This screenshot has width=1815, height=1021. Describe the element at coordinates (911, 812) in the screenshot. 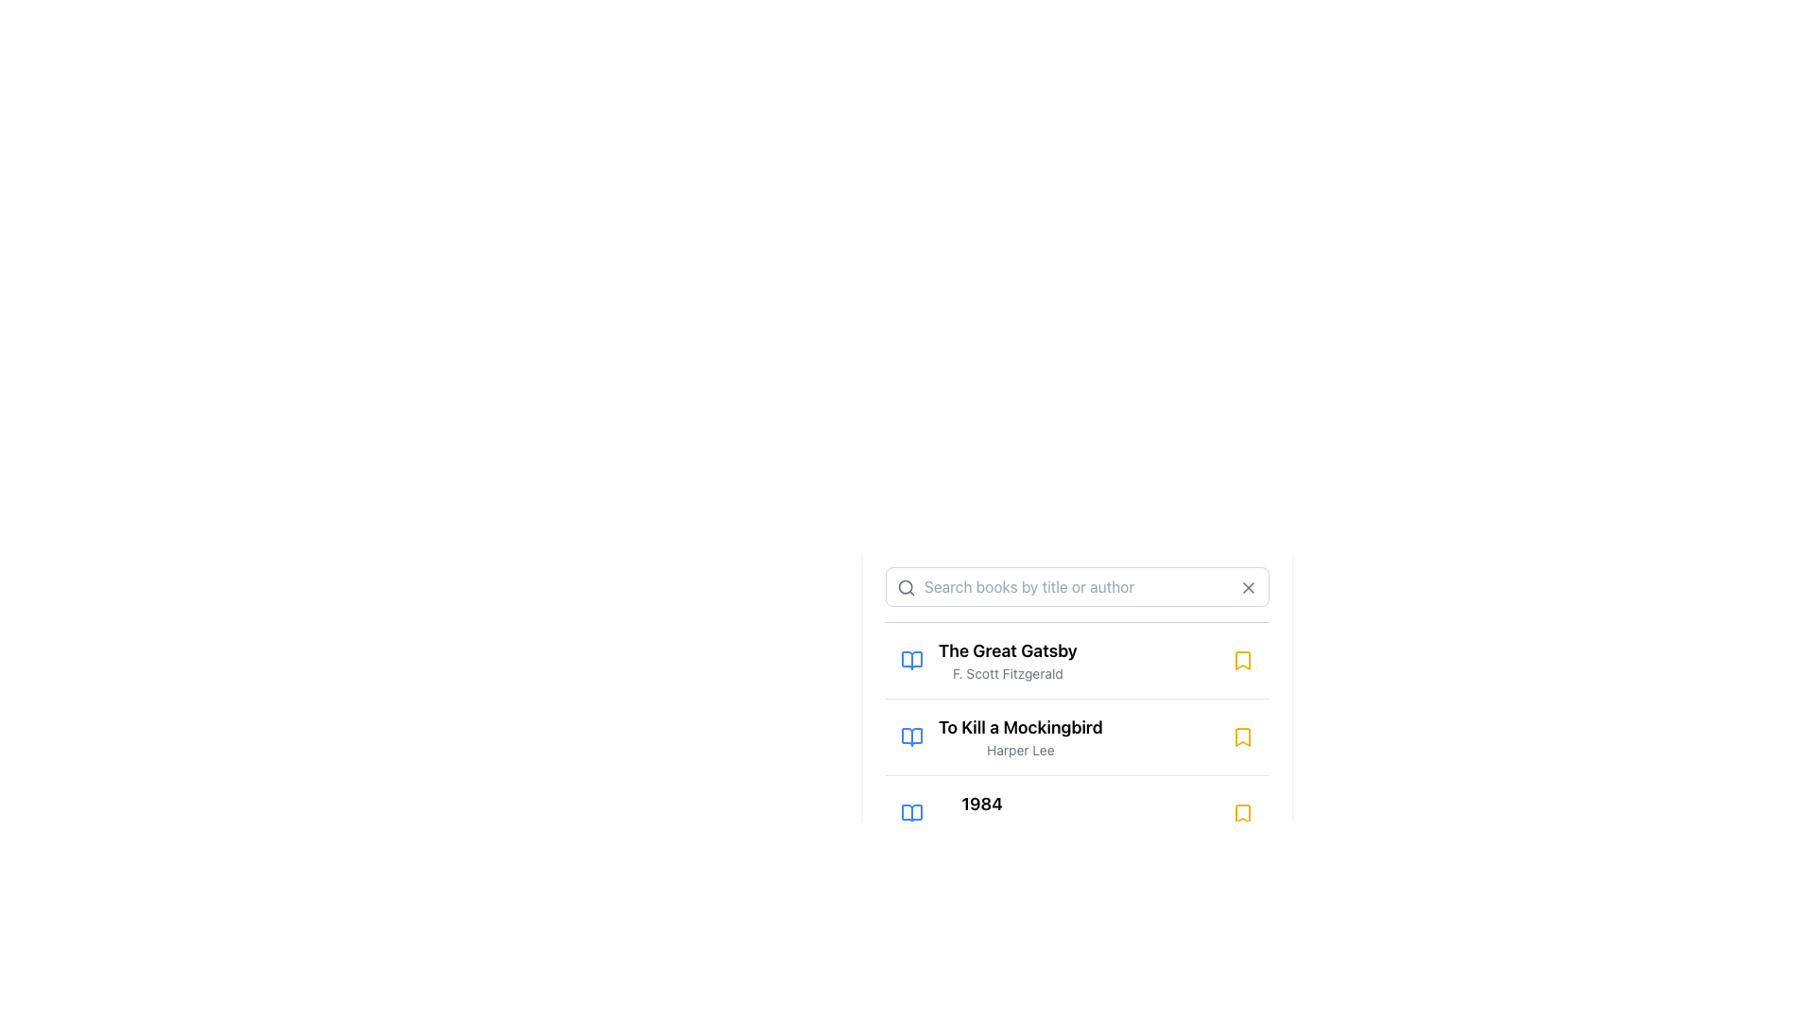

I see `the left page of the open book icon, which is styled with a blue outline and is part of the visual representation for the book title '1984' in the third row of the item list` at that location.